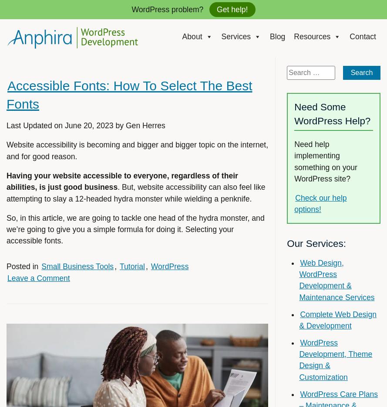  Describe the element at coordinates (119, 126) in the screenshot. I see `'by'` at that location.